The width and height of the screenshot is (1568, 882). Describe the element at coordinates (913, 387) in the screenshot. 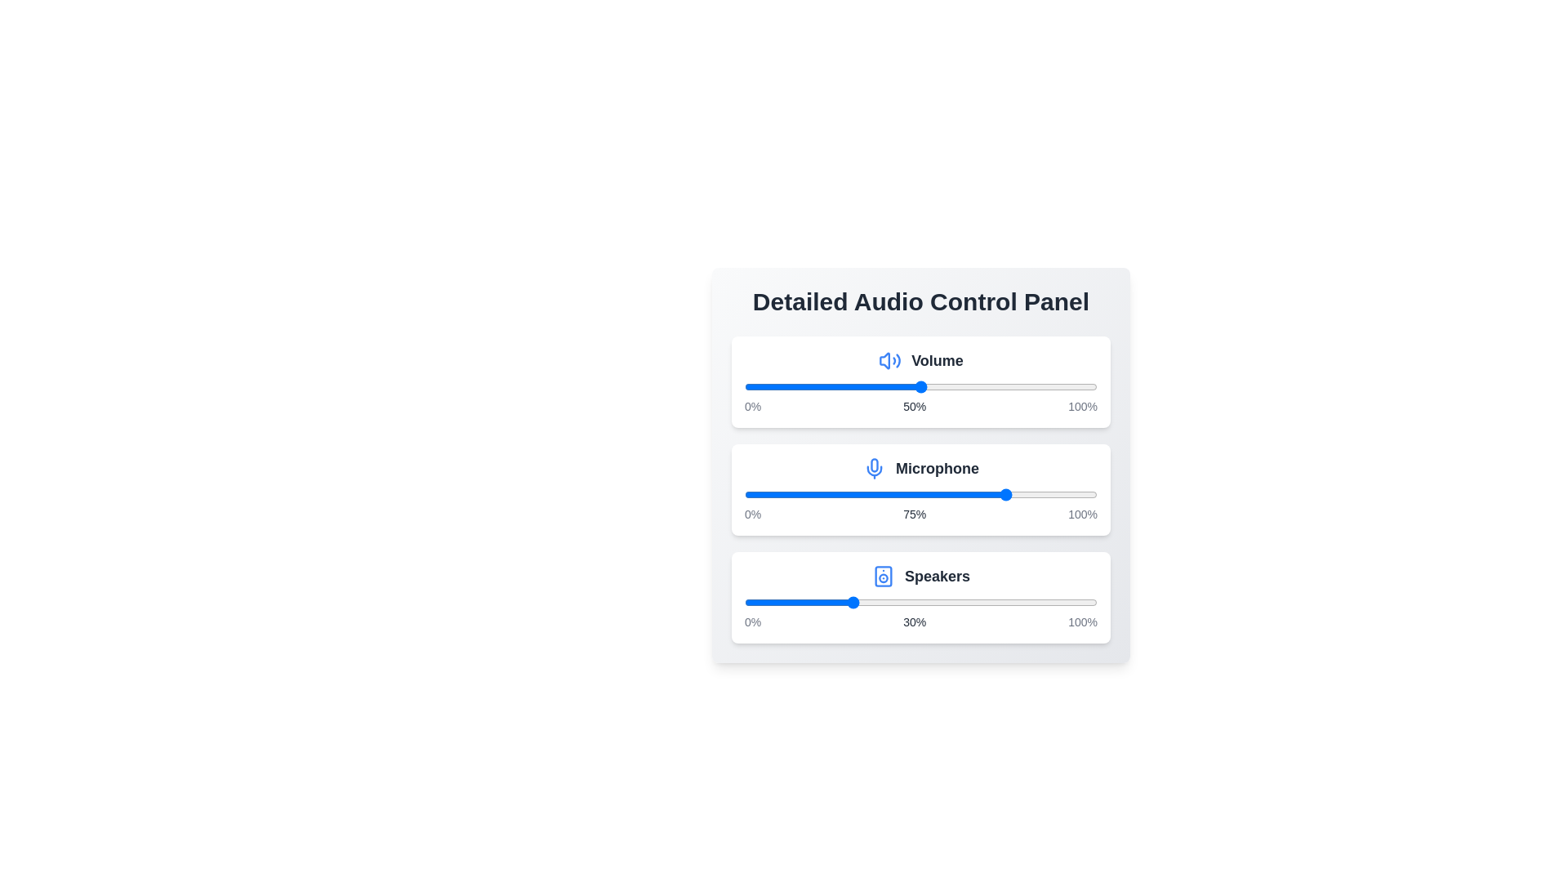

I see `the volume slider to 48%` at that location.